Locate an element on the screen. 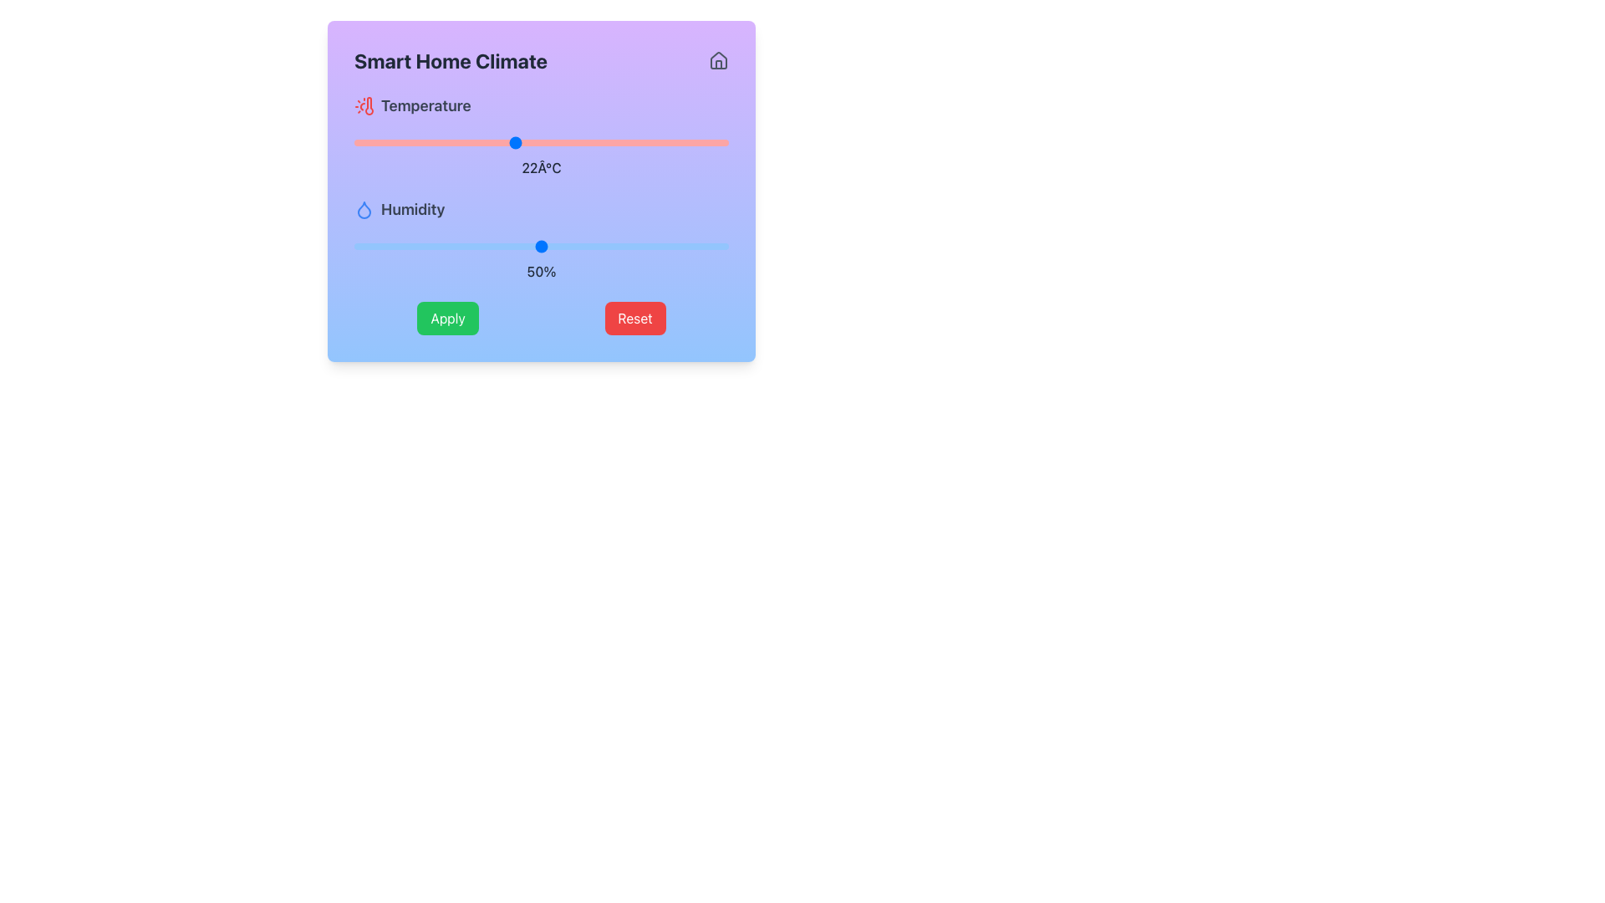 This screenshot has height=903, width=1605. the red thermometer icon, which is located next to the 'Temperature' label in the upper-left area of the interface, to gather context from surrounding elements is located at coordinates (368, 106).